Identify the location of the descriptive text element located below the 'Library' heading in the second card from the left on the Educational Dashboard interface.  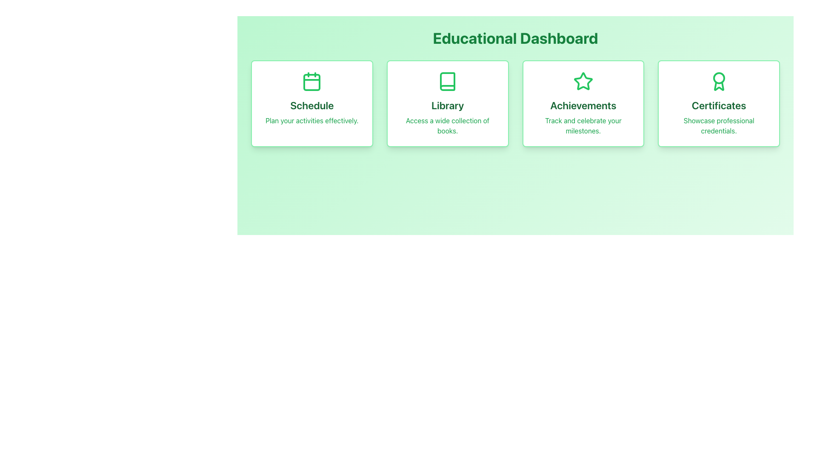
(447, 126).